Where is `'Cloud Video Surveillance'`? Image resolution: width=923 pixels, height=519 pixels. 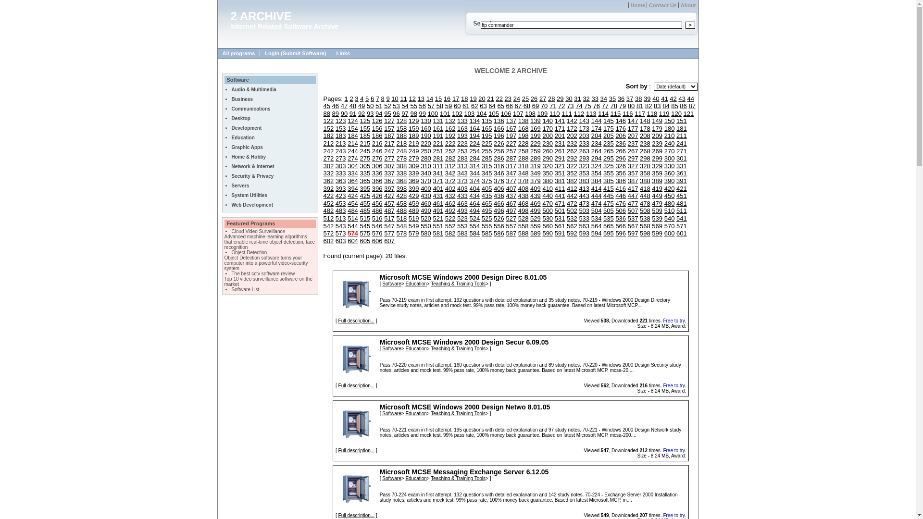
'Cloud Video Surveillance' is located at coordinates (258, 231).